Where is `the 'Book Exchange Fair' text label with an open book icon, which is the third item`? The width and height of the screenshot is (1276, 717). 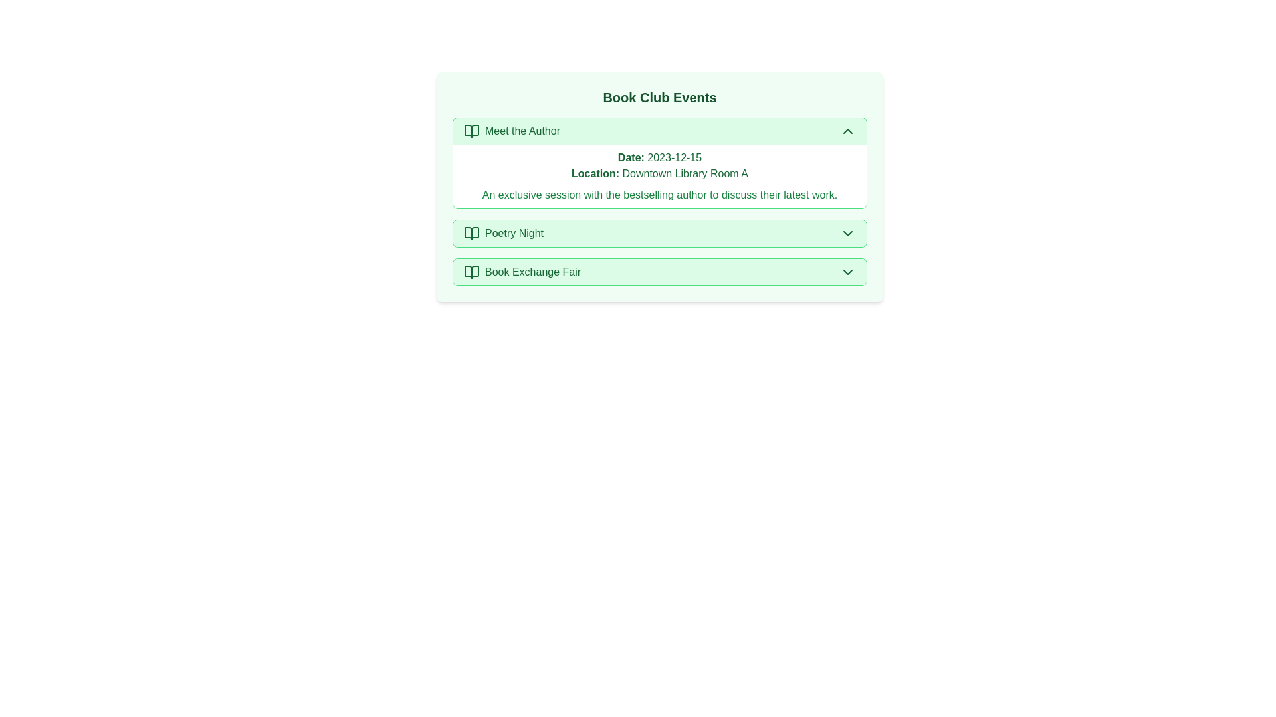 the 'Book Exchange Fair' text label with an open book icon, which is the third item is located at coordinates (522, 271).